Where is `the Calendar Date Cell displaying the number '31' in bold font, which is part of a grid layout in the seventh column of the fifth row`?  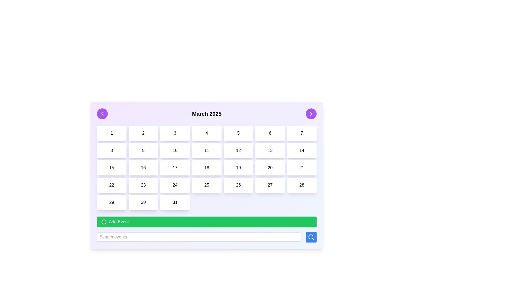 the Calendar Date Cell displaying the number '31' in bold font, which is part of a grid layout in the seventh column of the fifth row is located at coordinates (175, 202).